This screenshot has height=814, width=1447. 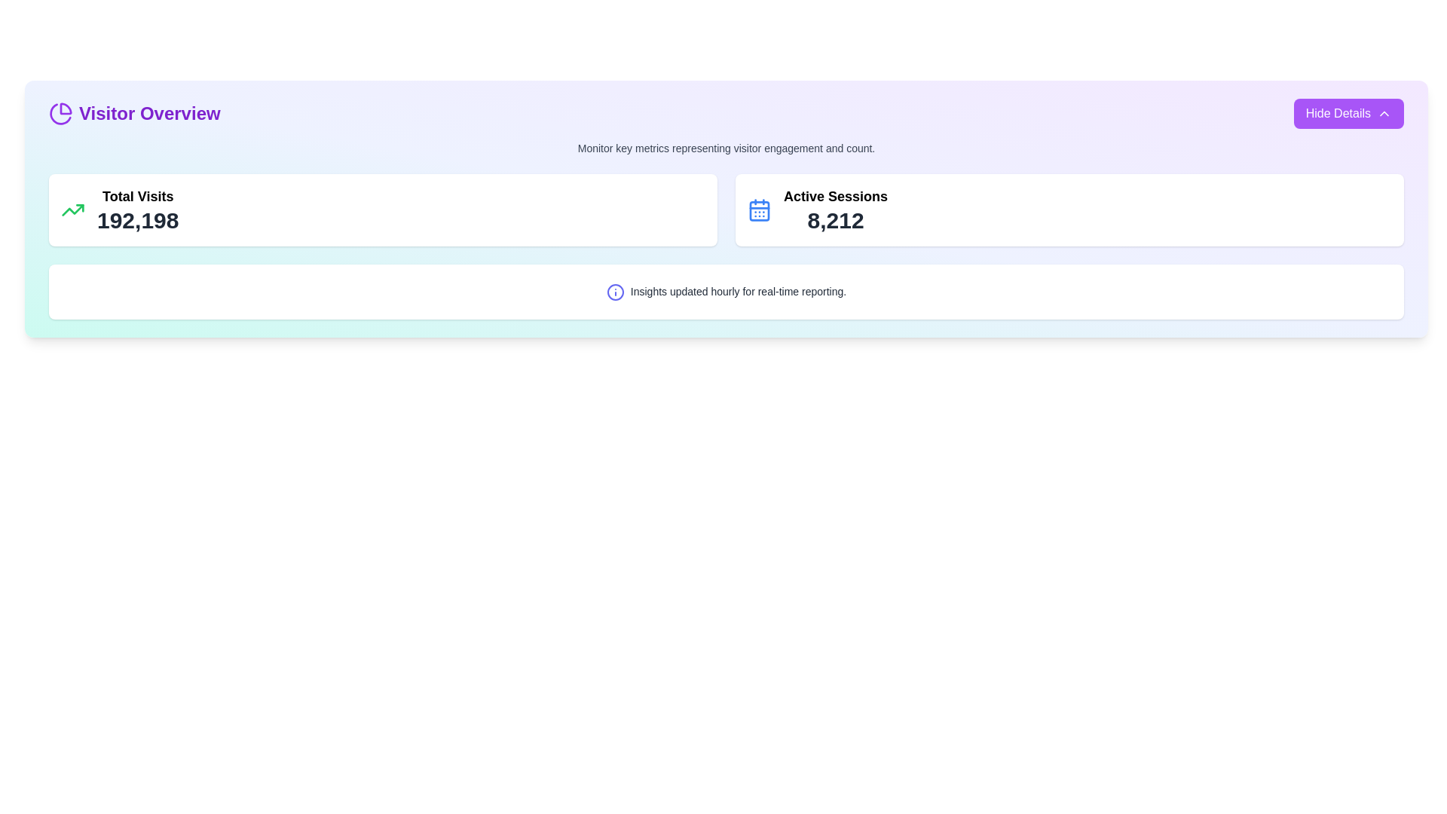 What do you see at coordinates (134, 112) in the screenshot?
I see `the Text Block with Icon, which serves as a section header for visitor statistics or analytics, located in the top-left corner of the interface` at bounding box center [134, 112].